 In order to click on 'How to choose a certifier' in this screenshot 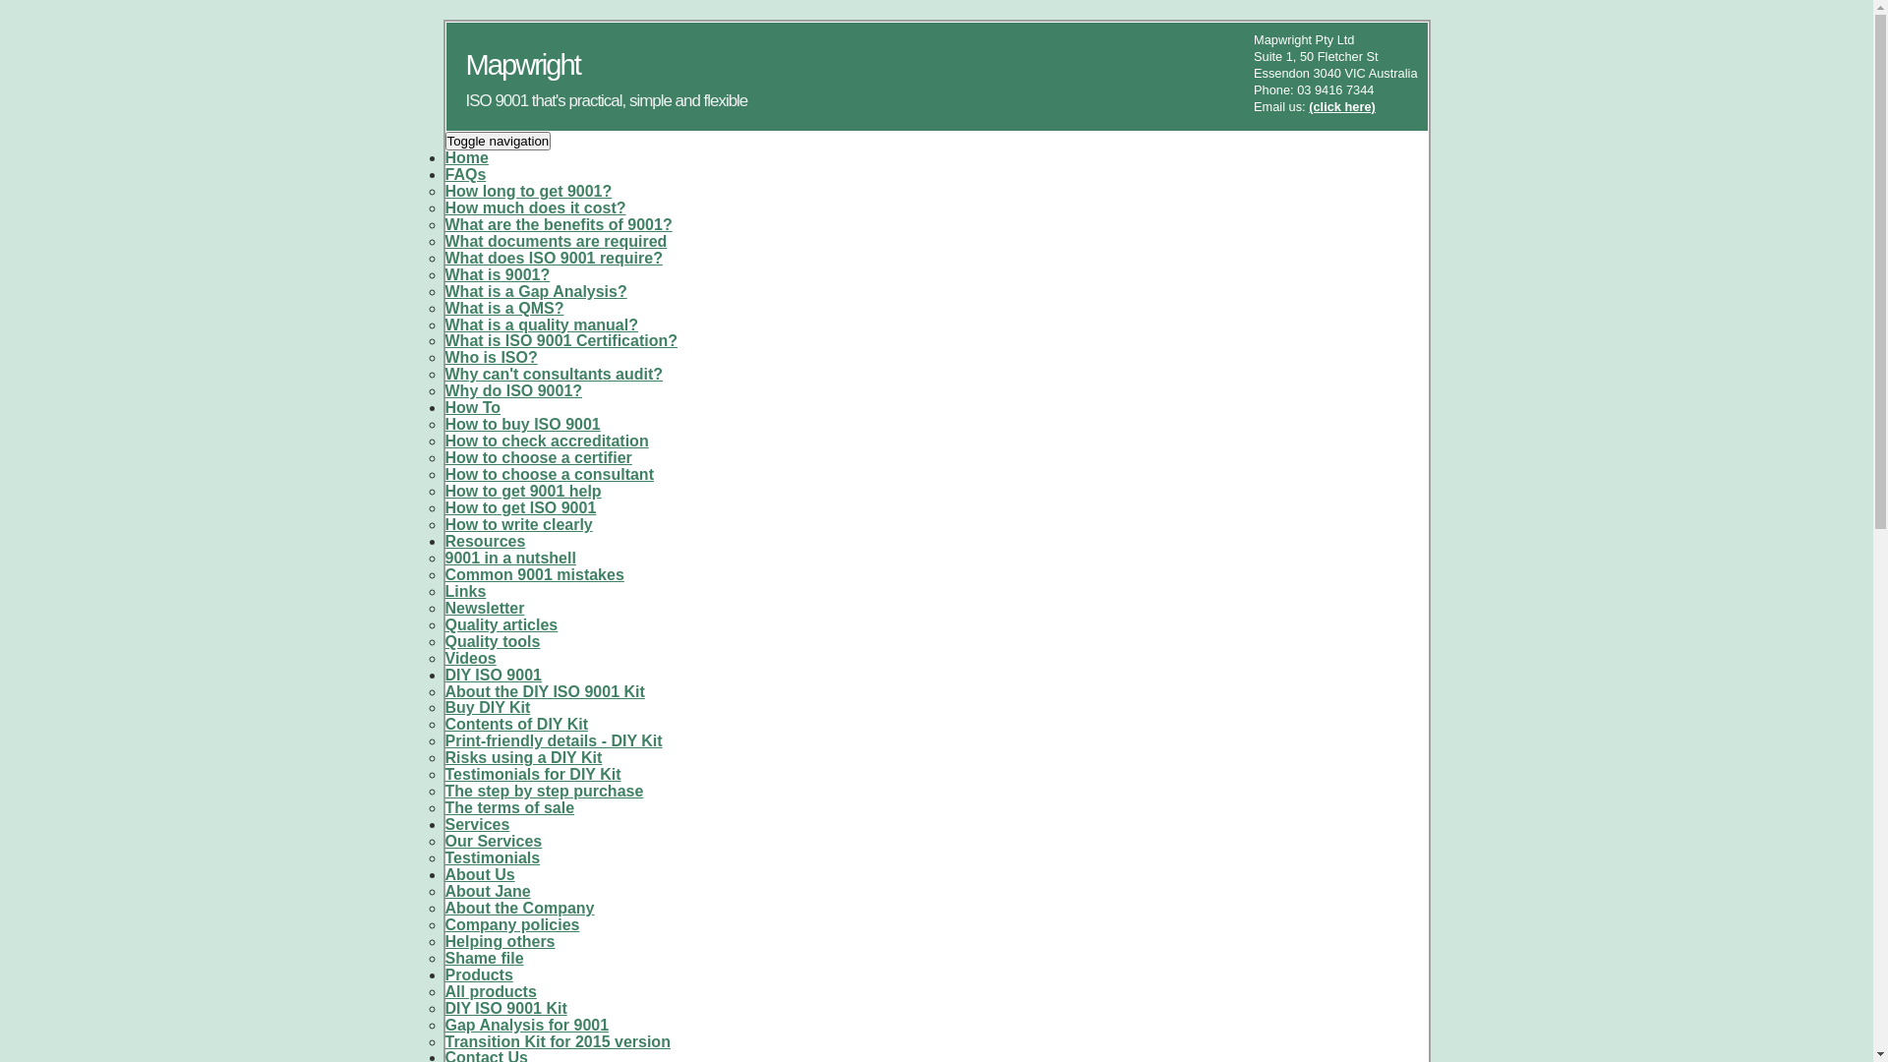, I will do `click(538, 457)`.